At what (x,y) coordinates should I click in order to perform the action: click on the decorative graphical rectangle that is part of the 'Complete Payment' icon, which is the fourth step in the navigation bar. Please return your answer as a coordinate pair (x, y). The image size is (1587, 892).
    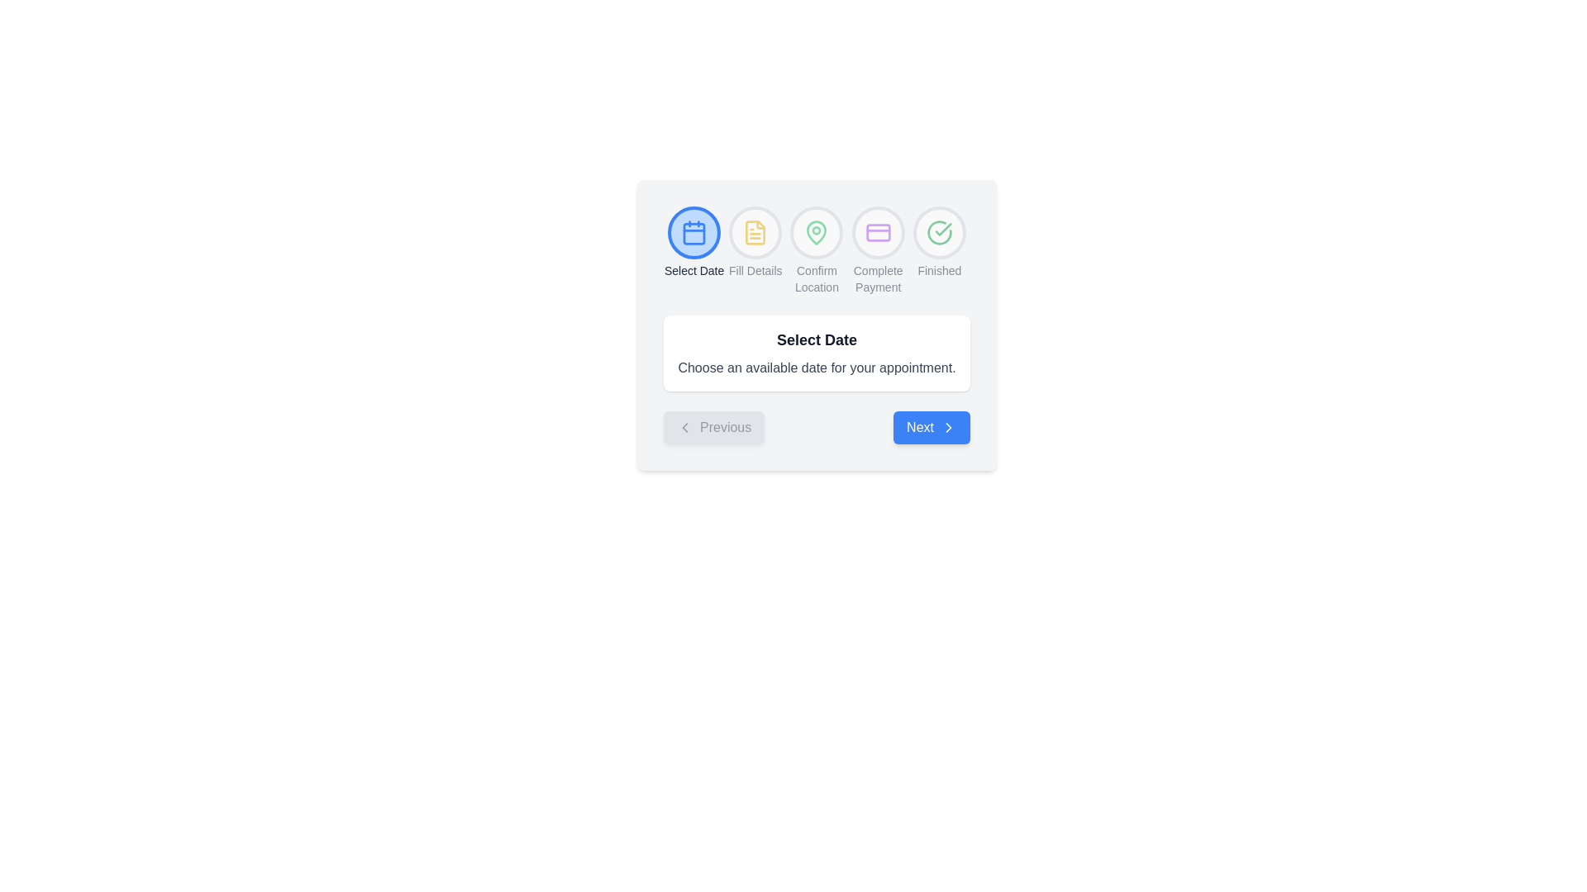
    Looking at the image, I should click on (877, 232).